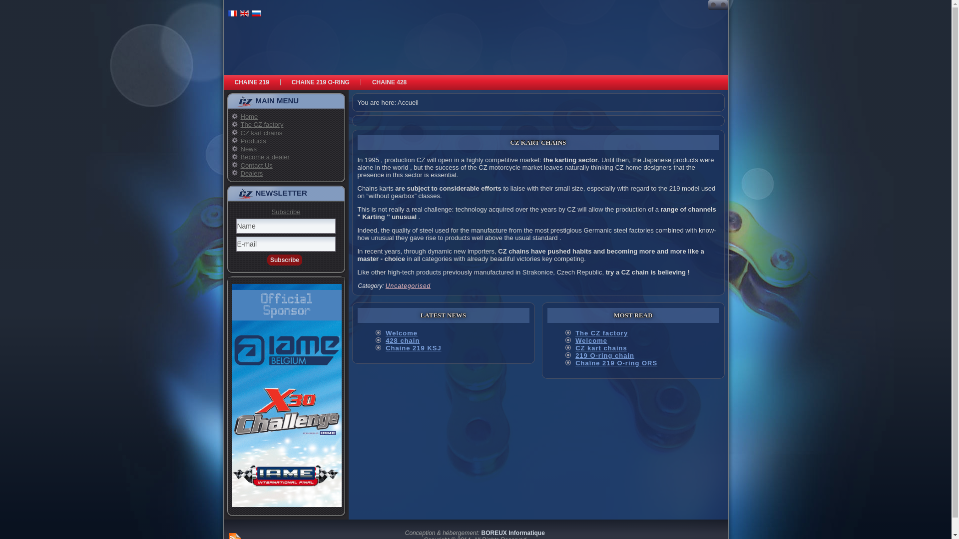 This screenshot has height=539, width=959. I want to click on 'Products', so click(253, 141).